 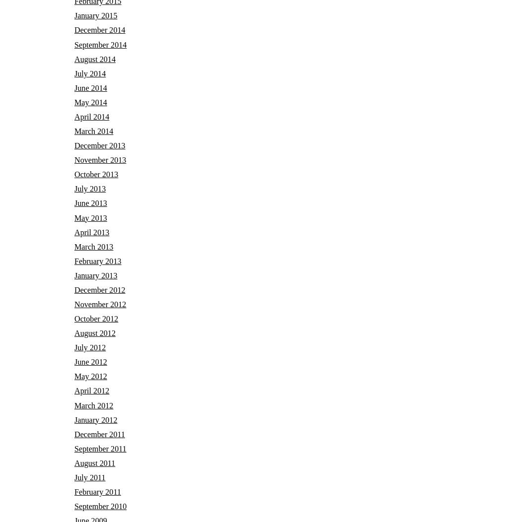 What do you see at coordinates (92, 390) in the screenshot?
I see `'April 2012'` at bounding box center [92, 390].